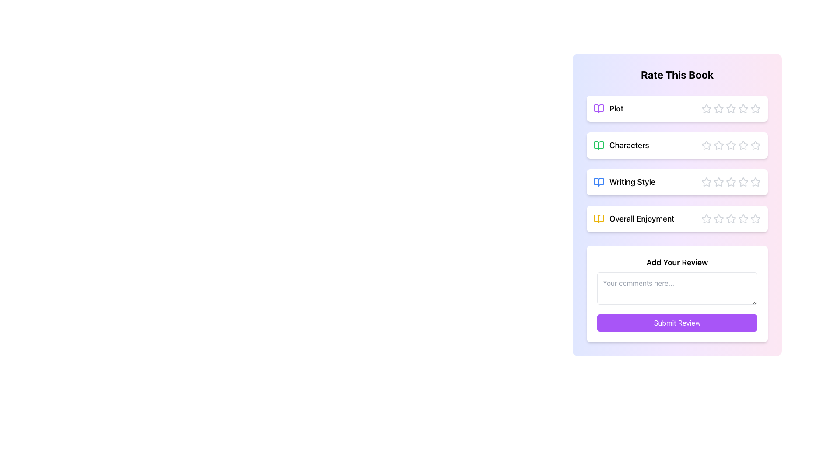  I want to click on the first star-shaped icon for rating under the 'Rate This Book' heading to rate the 'Plot' criterion, so click(706, 108).